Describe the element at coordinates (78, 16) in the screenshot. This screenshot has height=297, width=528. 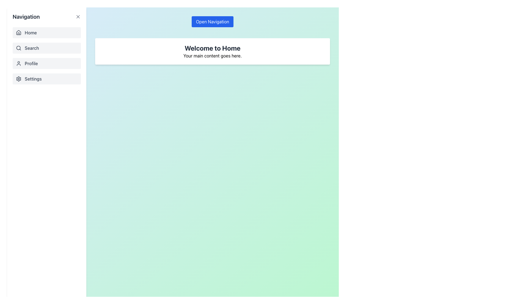
I see `the icon with a diagonal cross pattern located in the sidebar navigation area near the top-right corner, to the right of the 'Navigation' text` at that location.